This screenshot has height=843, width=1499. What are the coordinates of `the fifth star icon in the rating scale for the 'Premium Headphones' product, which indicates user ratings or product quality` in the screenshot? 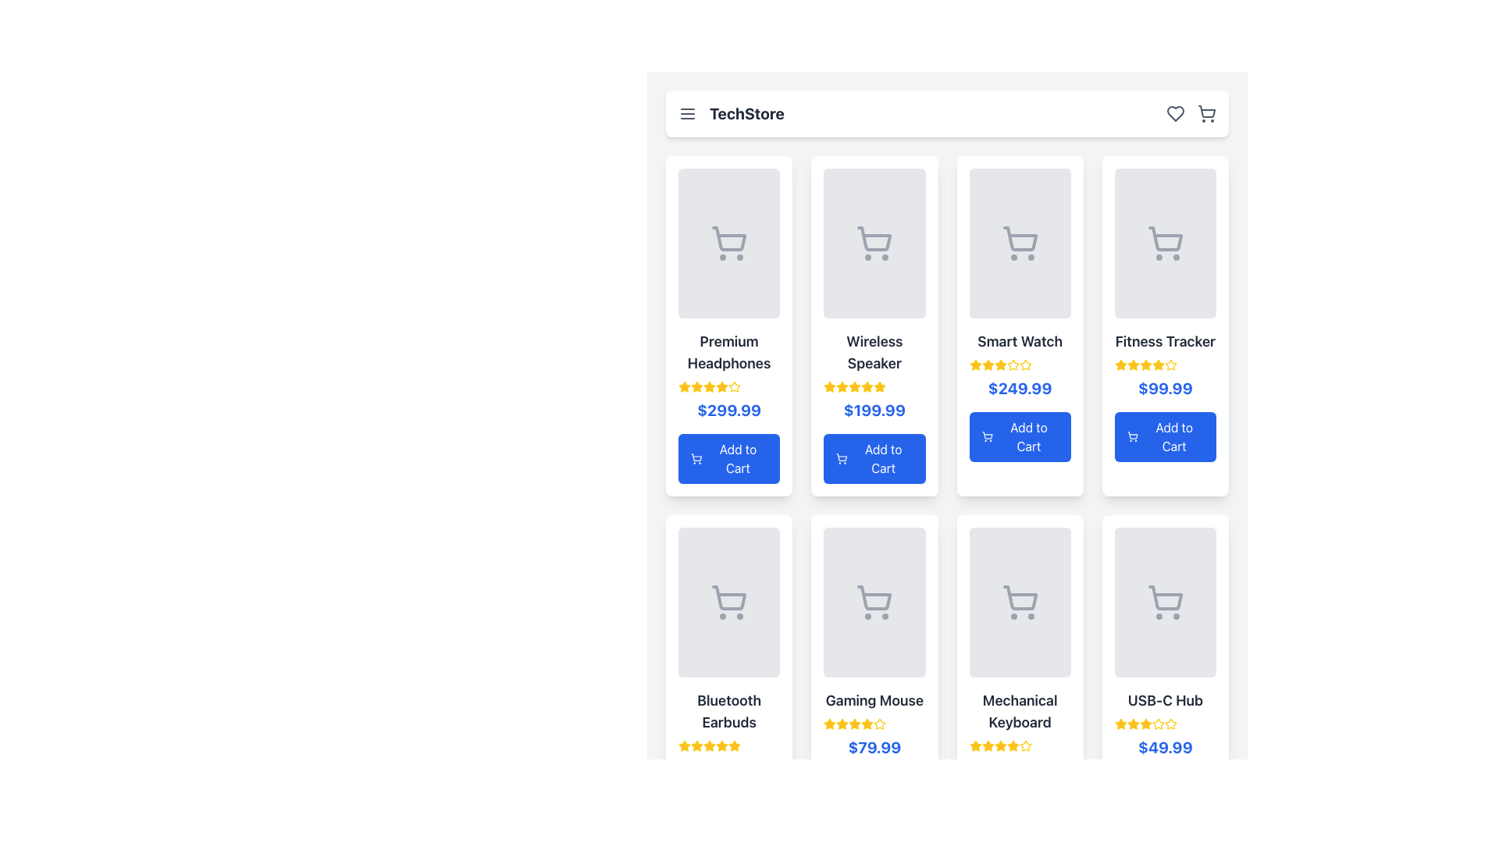 It's located at (733, 386).